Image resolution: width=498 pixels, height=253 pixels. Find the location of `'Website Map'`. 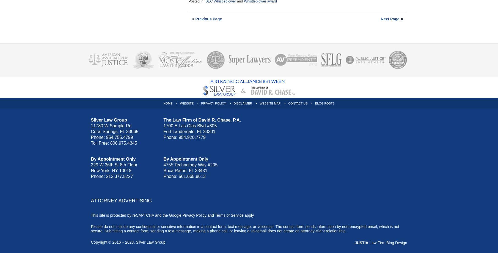

'Website Map' is located at coordinates (269, 103).